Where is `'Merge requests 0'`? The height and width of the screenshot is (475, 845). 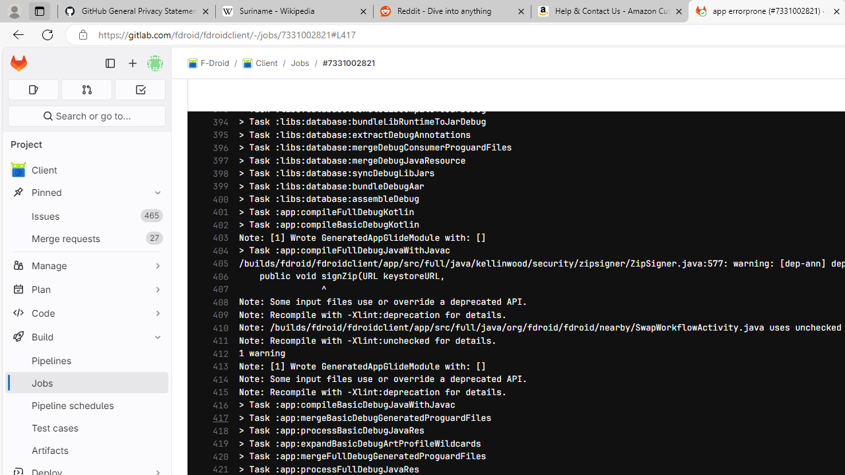 'Merge requests 0' is located at coordinates (86, 89).